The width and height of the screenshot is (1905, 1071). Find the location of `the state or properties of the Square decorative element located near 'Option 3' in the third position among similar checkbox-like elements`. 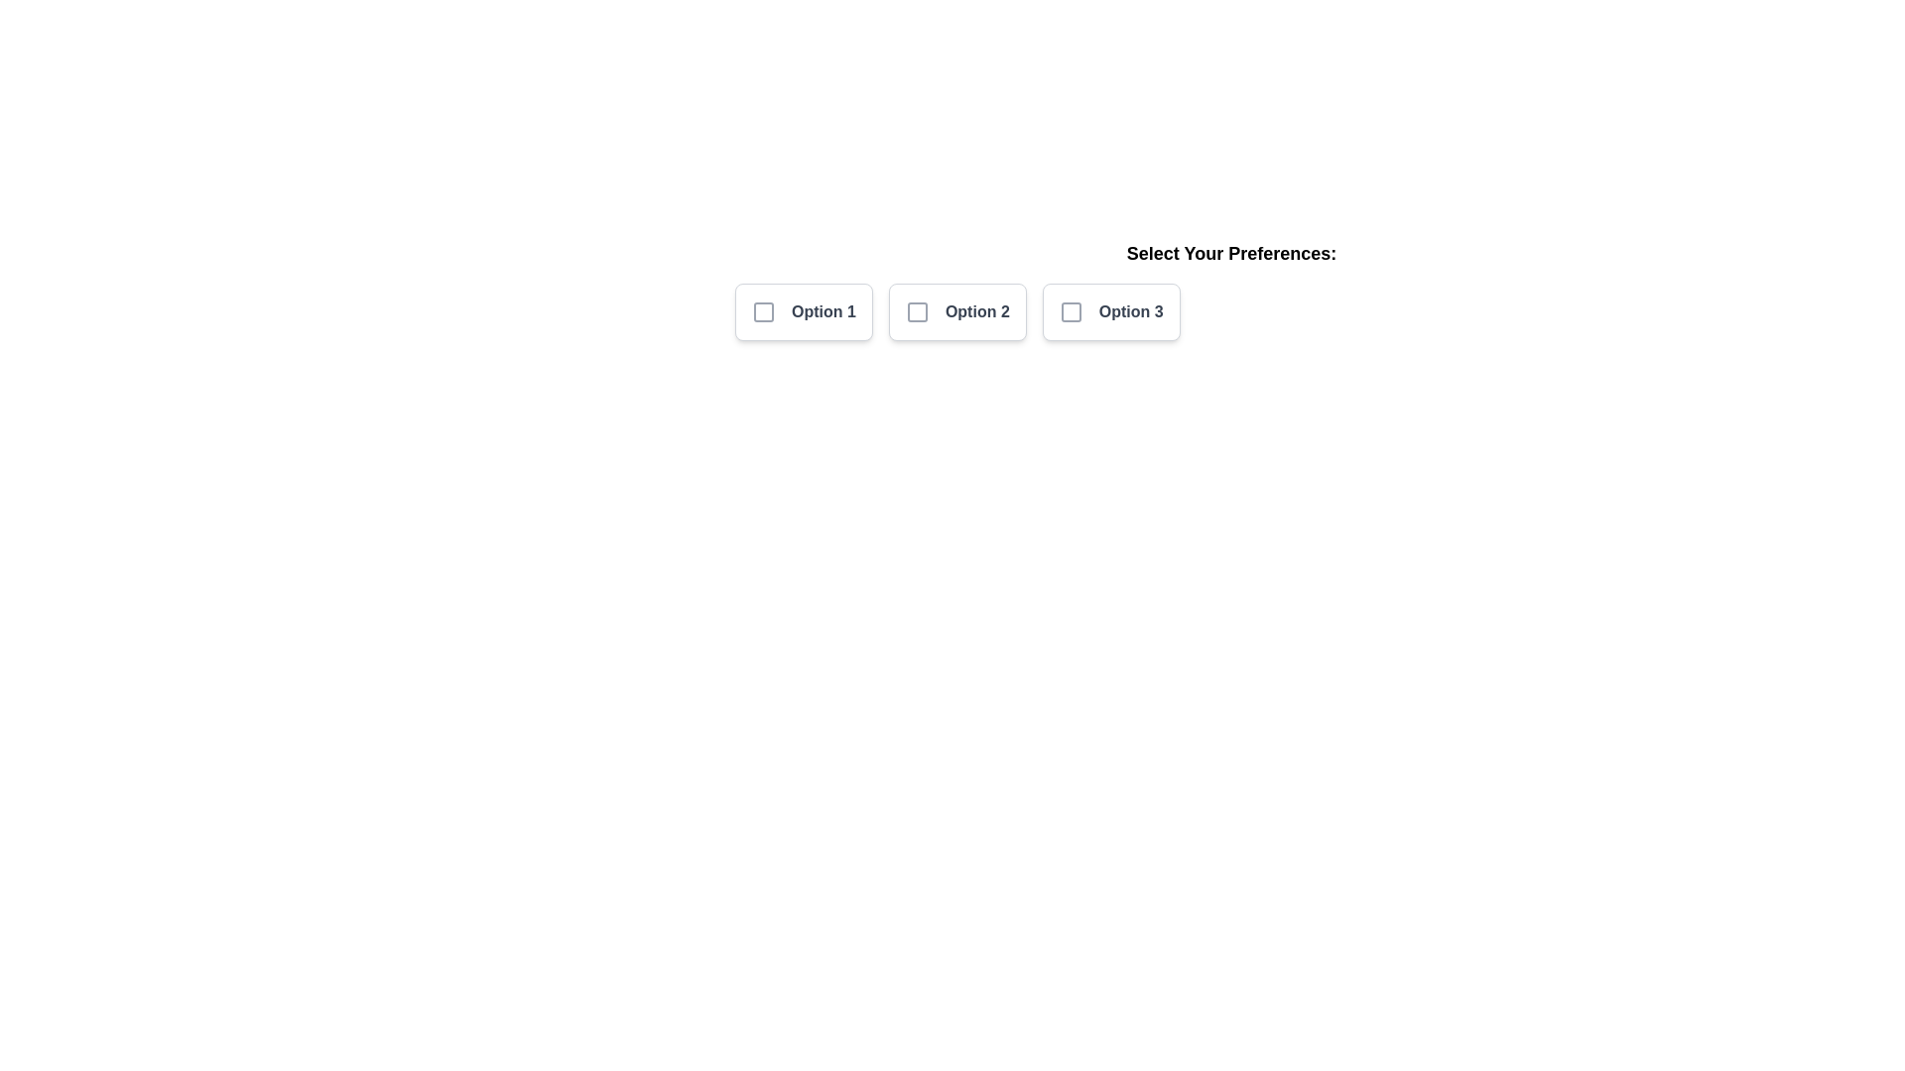

the state or properties of the Square decorative element located near 'Option 3' in the third position among similar checkbox-like elements is located at coordinates (1070, 312).